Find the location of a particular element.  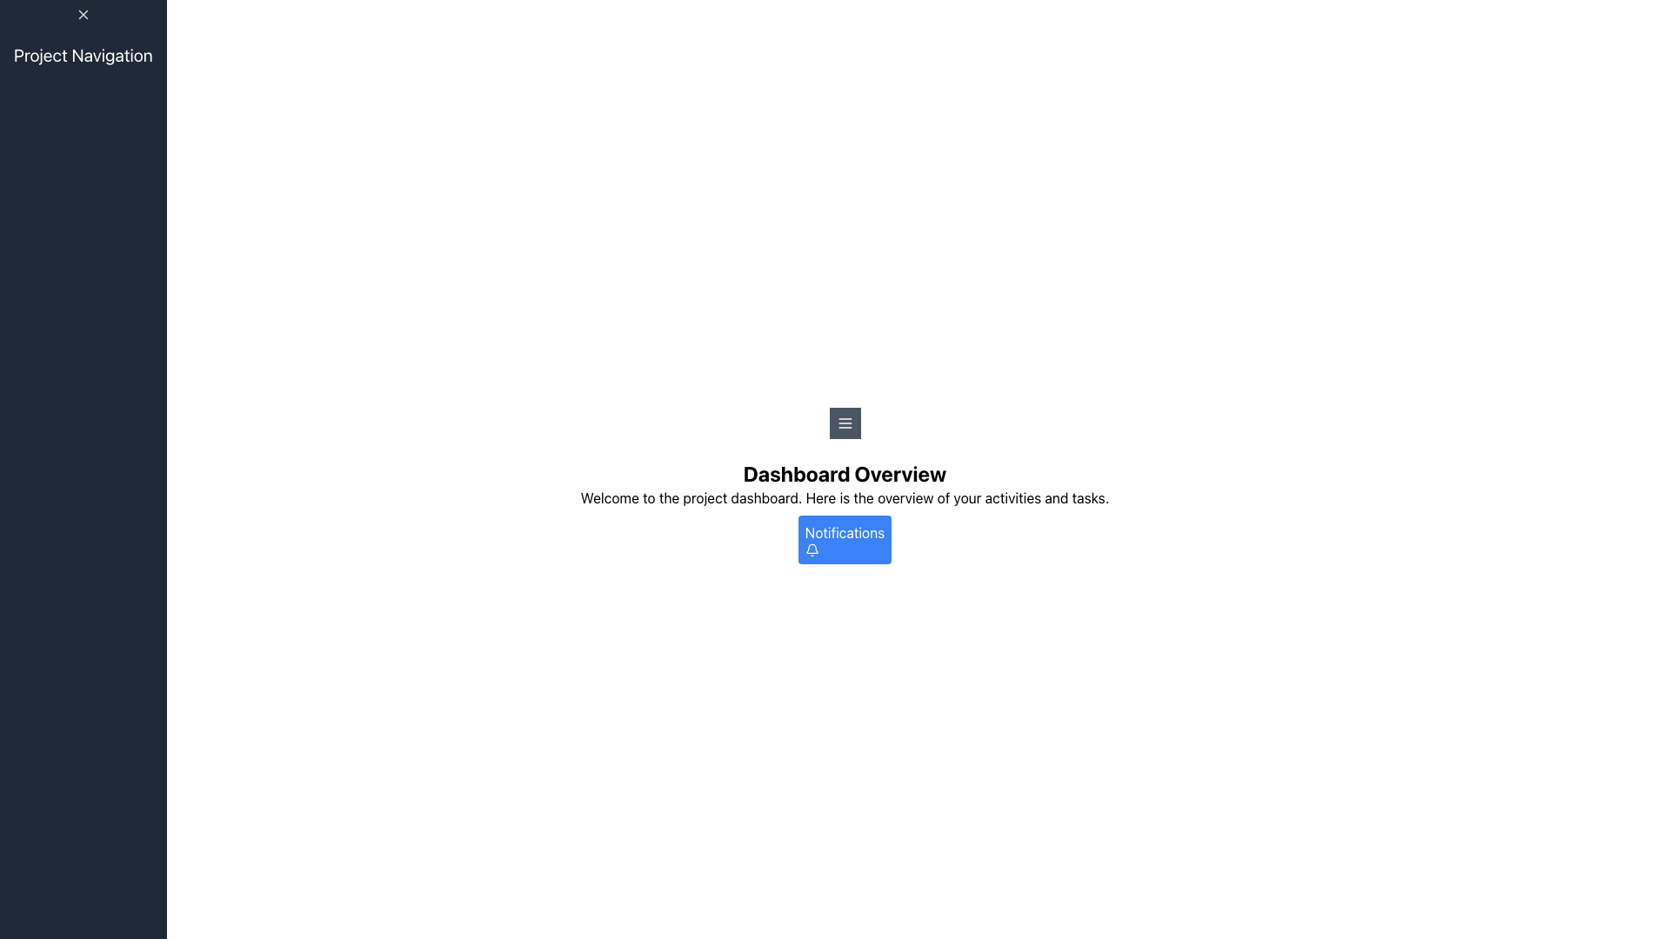

the bell-shaped notification icon with a white outline on a blue background, which is located within the blue 'Notifications' button is located at coordinates (811, 549).